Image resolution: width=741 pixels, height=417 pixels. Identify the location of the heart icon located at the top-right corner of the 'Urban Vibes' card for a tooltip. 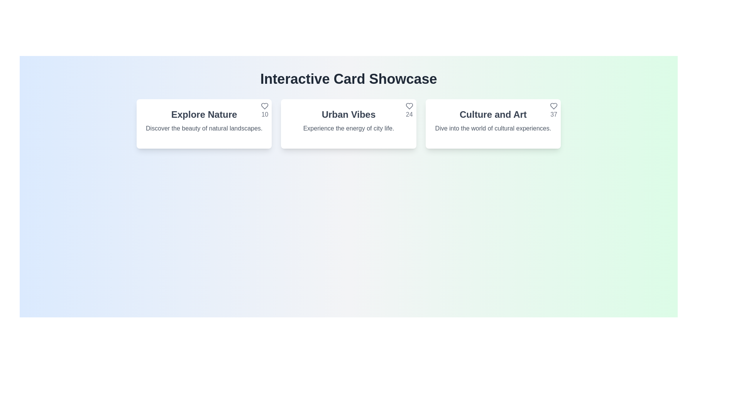
(409, 106).